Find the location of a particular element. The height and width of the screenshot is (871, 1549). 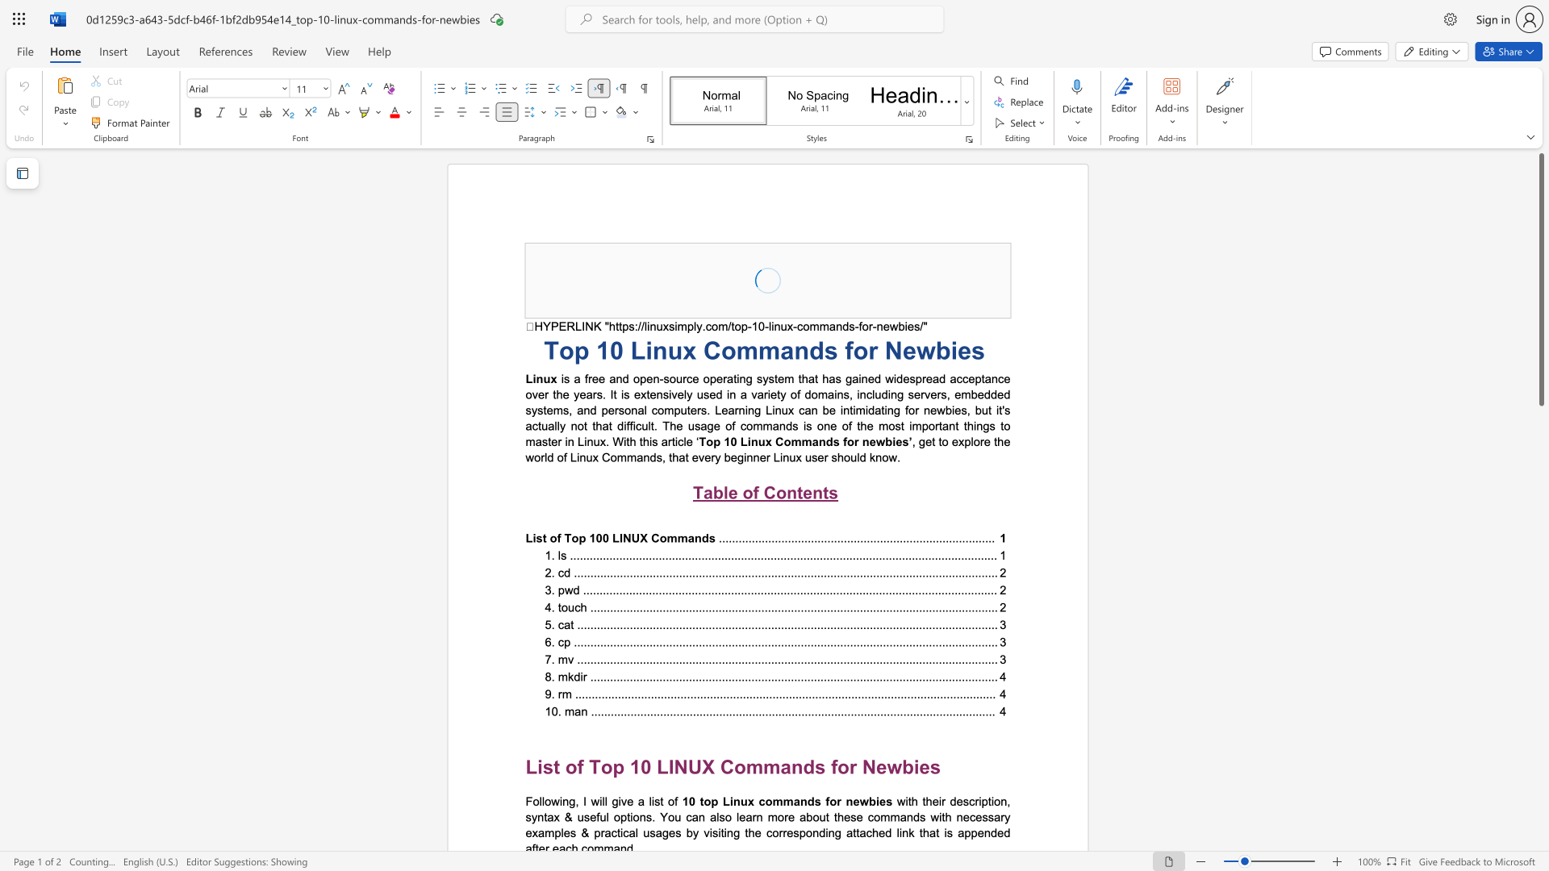

the scrollbar to slide the page down is located at coordinates (1540, 701).